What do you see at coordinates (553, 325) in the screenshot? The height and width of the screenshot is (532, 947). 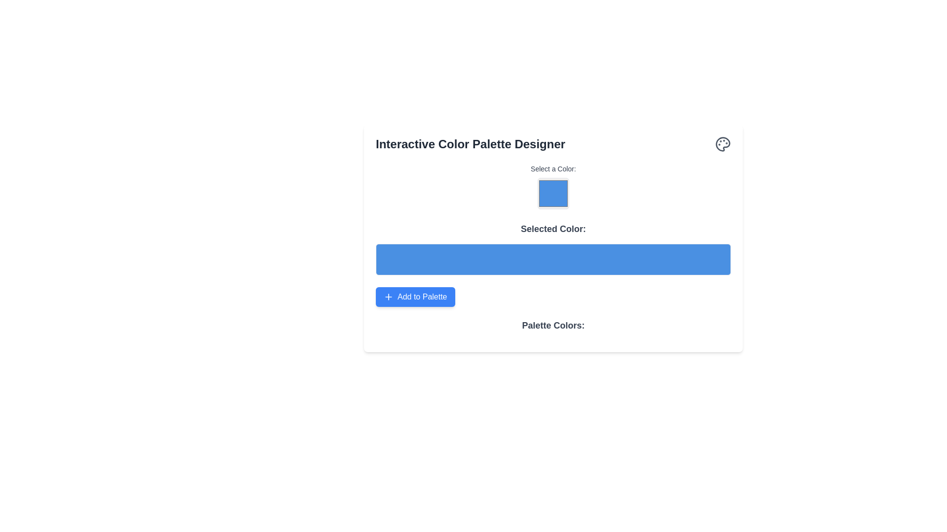 I see `the static header text 'Palette Colors:' which is displayed in bold and larger font size, styled in dark gray, and positioned at the center horizontally near the bottom of the interface` at bounding box center [553, 325].